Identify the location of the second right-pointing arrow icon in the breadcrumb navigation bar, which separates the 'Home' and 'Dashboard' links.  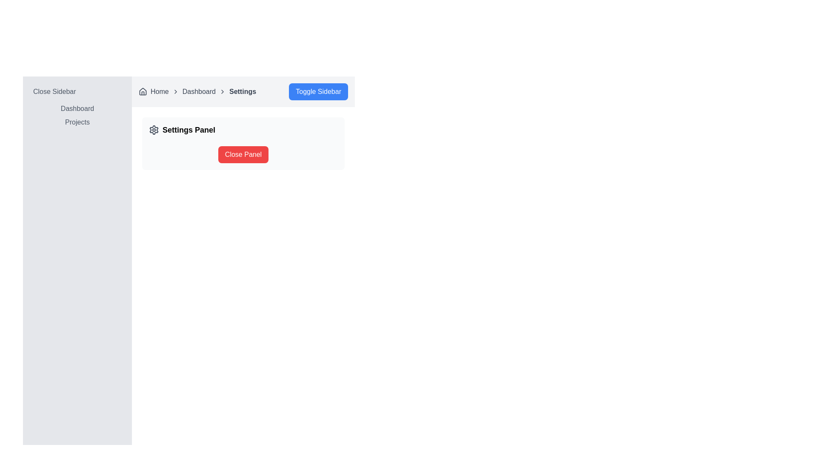
(175, 92).